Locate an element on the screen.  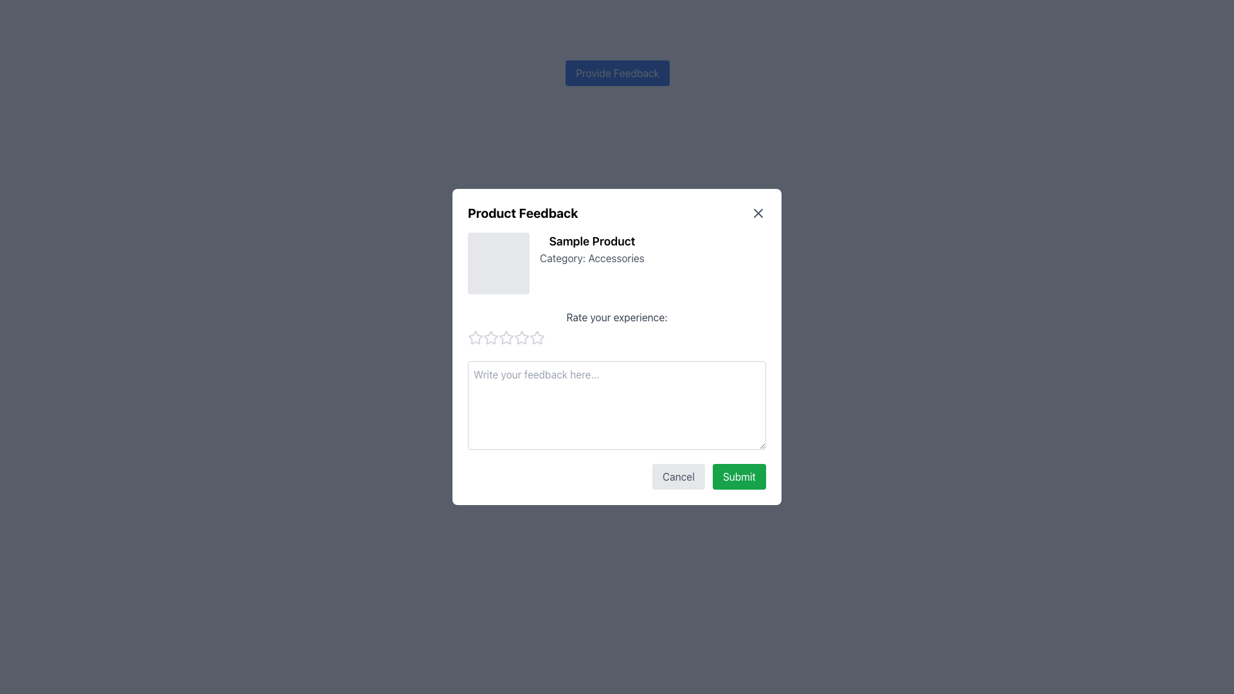
the first star-shaped icon with a hollow outline, which is styled in light gray is located at coordinates (474, 337).